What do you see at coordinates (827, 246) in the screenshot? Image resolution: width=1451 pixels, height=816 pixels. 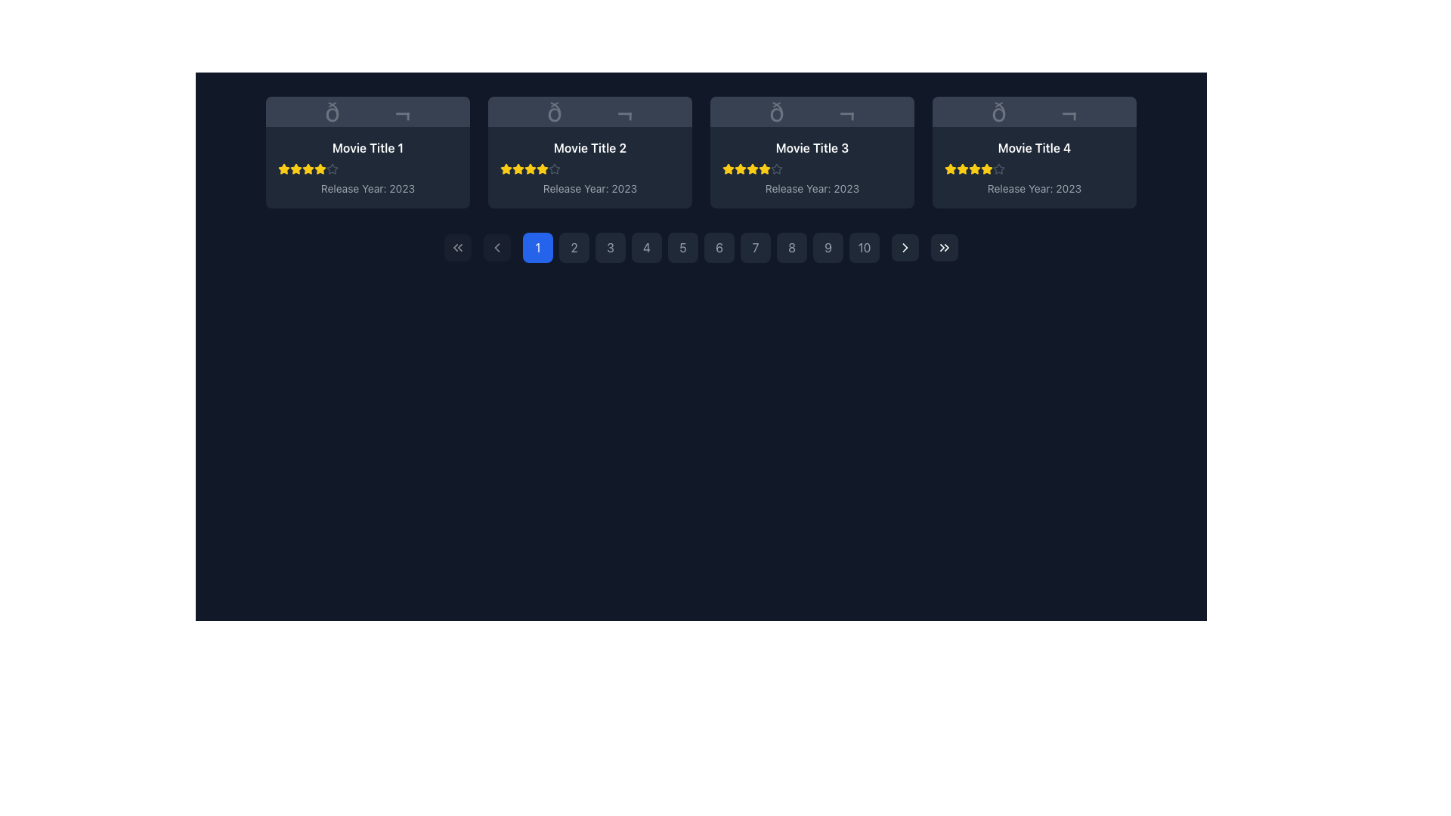 I see `the ninth pagination button located centrally at the bottom of the interface` at bounding box center [827, 246].